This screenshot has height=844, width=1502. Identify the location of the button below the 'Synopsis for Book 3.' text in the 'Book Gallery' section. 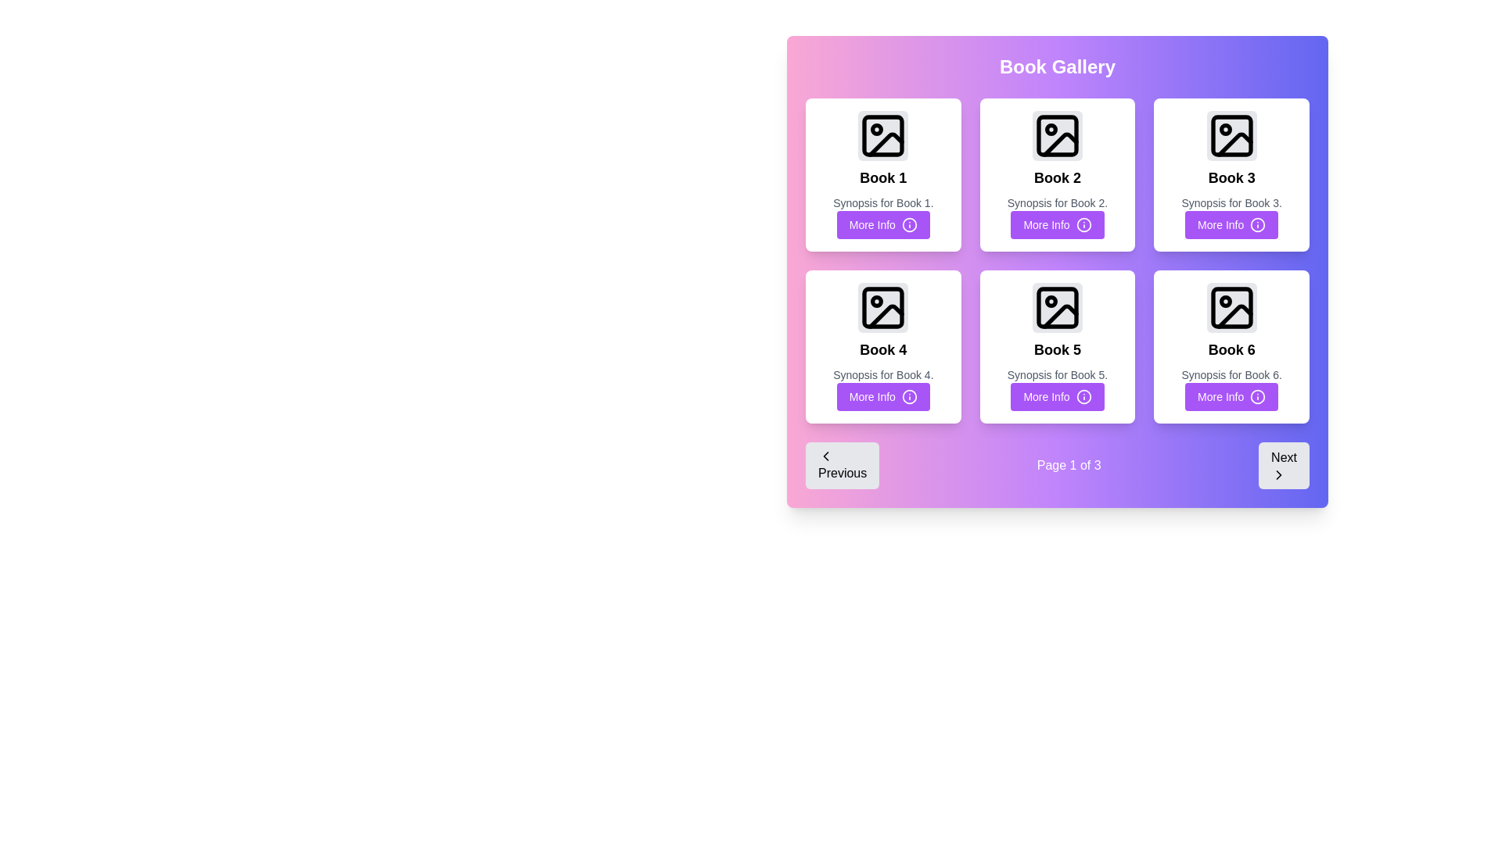
(1231, 225).